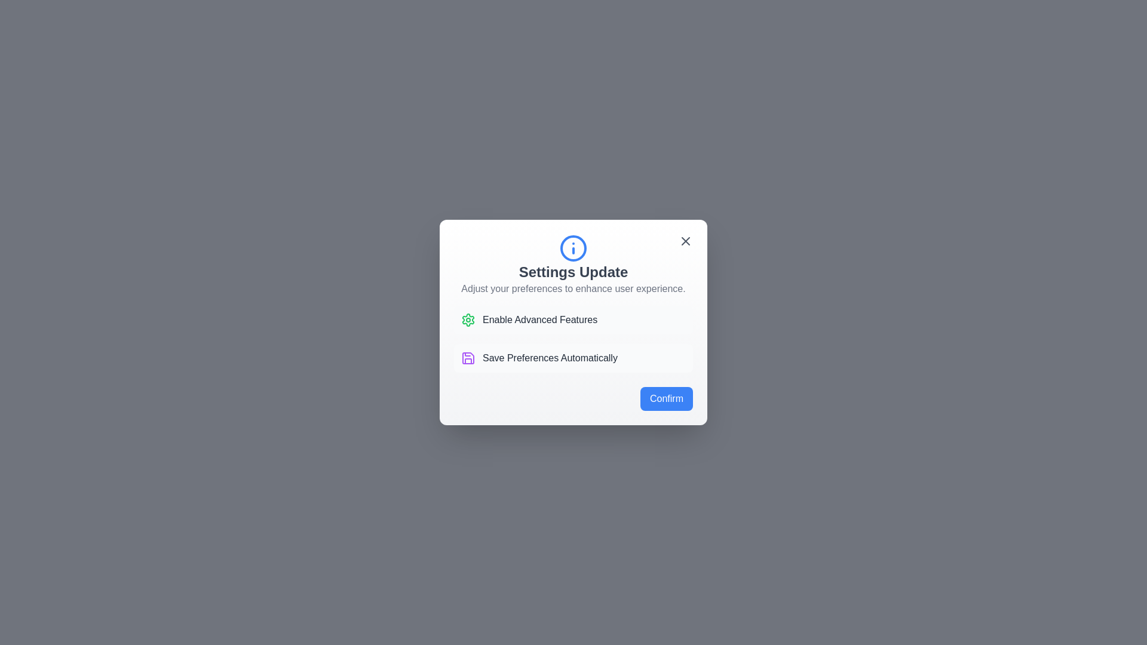 The width and height of the screenshot is (1147, 645). What do you see at coordinates (685, 241) in the screenshot?
I see `close button located at the top-right corner of the dialog` at bounding box center [685, 241].